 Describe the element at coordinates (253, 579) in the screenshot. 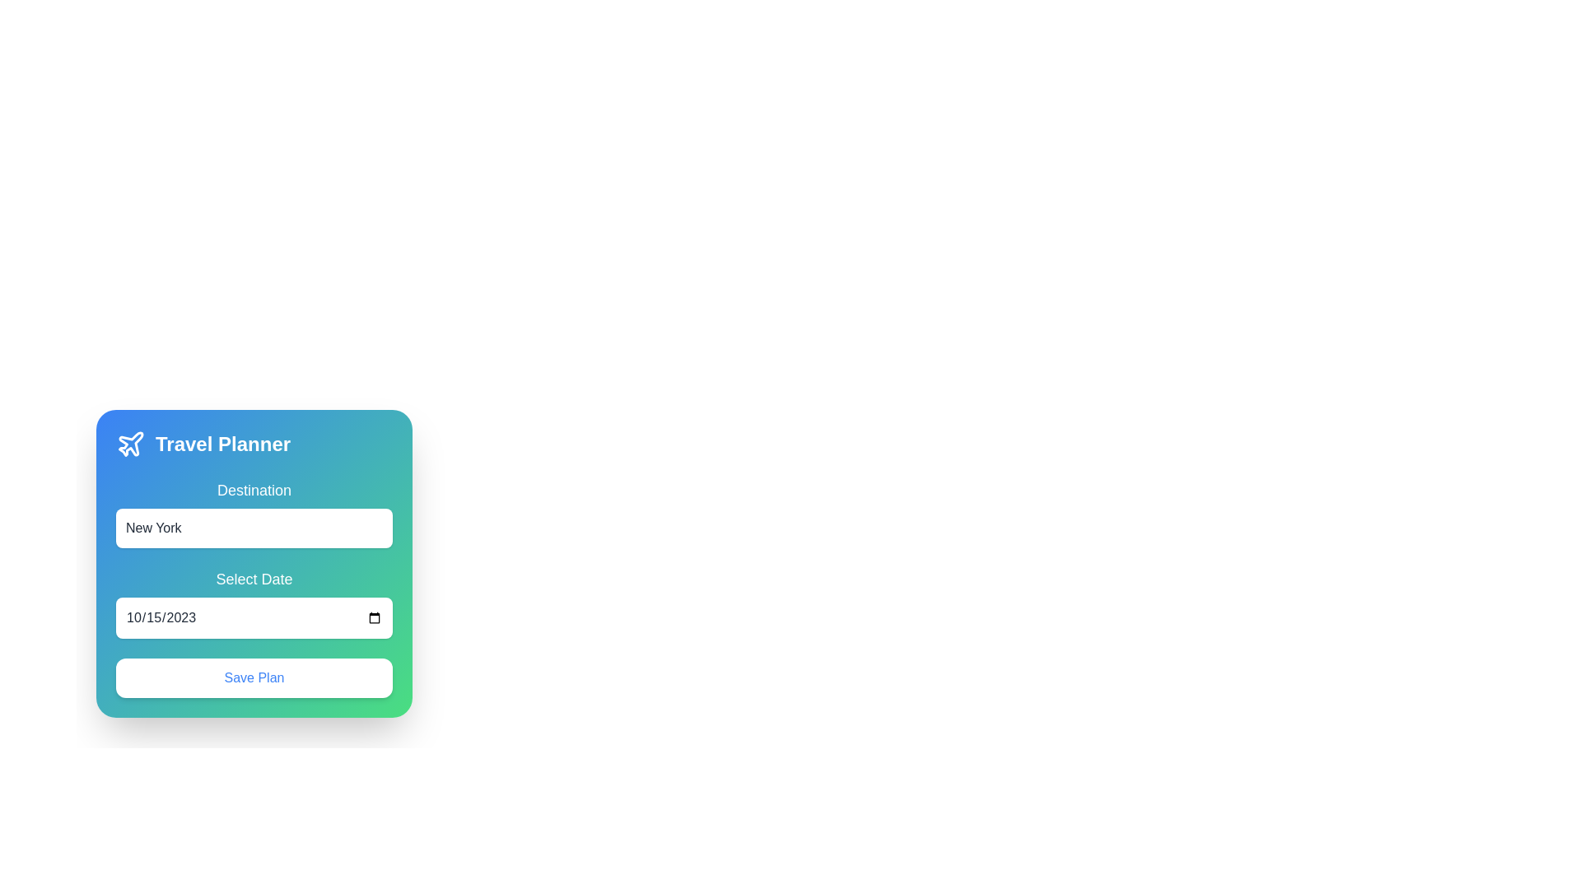

I see `the 'Select Date' label, which is a text label in white font on a gradient blue-green background, located in the middle section of the travel planning interface` at that location.